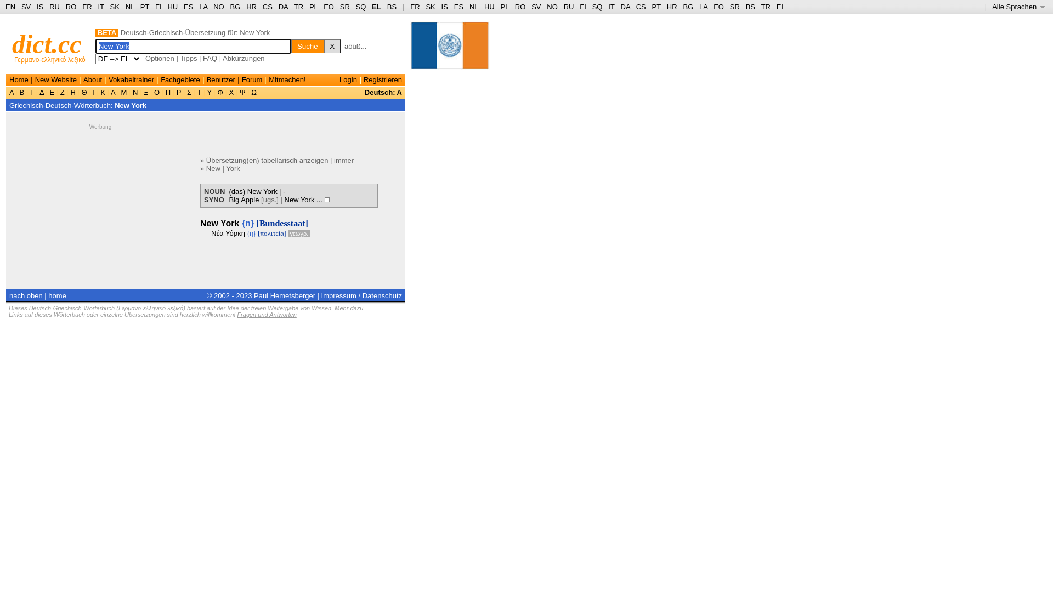 The width and height of the screenshot is (1053, 592). I want to click on 'Impressum / Datenschutz', so click(361, 295).